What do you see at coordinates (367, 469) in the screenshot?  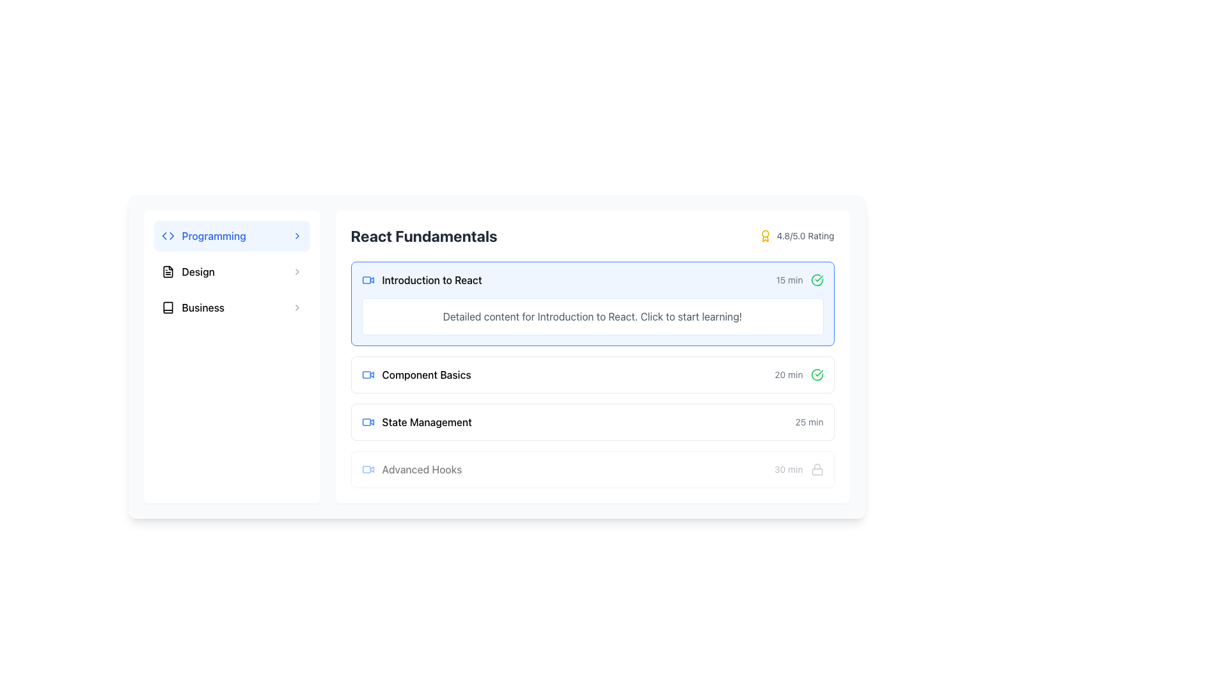 I see `the blue video camera icon located to the left of the text 'Advanced Hooks' in the 'React Fundamentals' section` at bounding box center [367, 469].